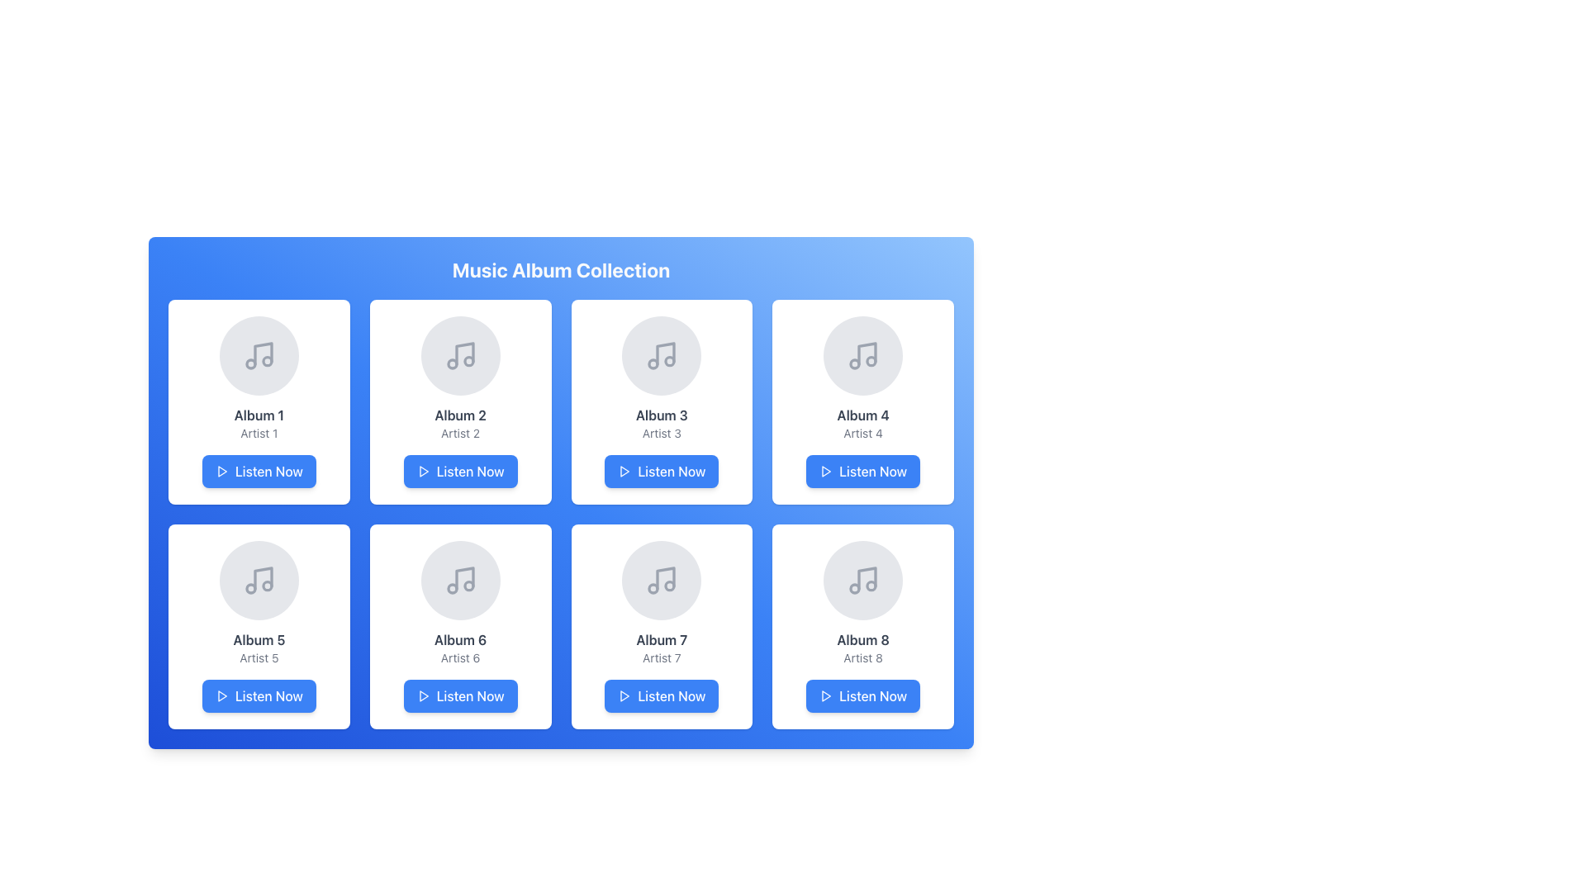  I want to click on the text label displaying 'Artist 5', which is located beneath 'Album 5' in the card layout, so click(258, 657).